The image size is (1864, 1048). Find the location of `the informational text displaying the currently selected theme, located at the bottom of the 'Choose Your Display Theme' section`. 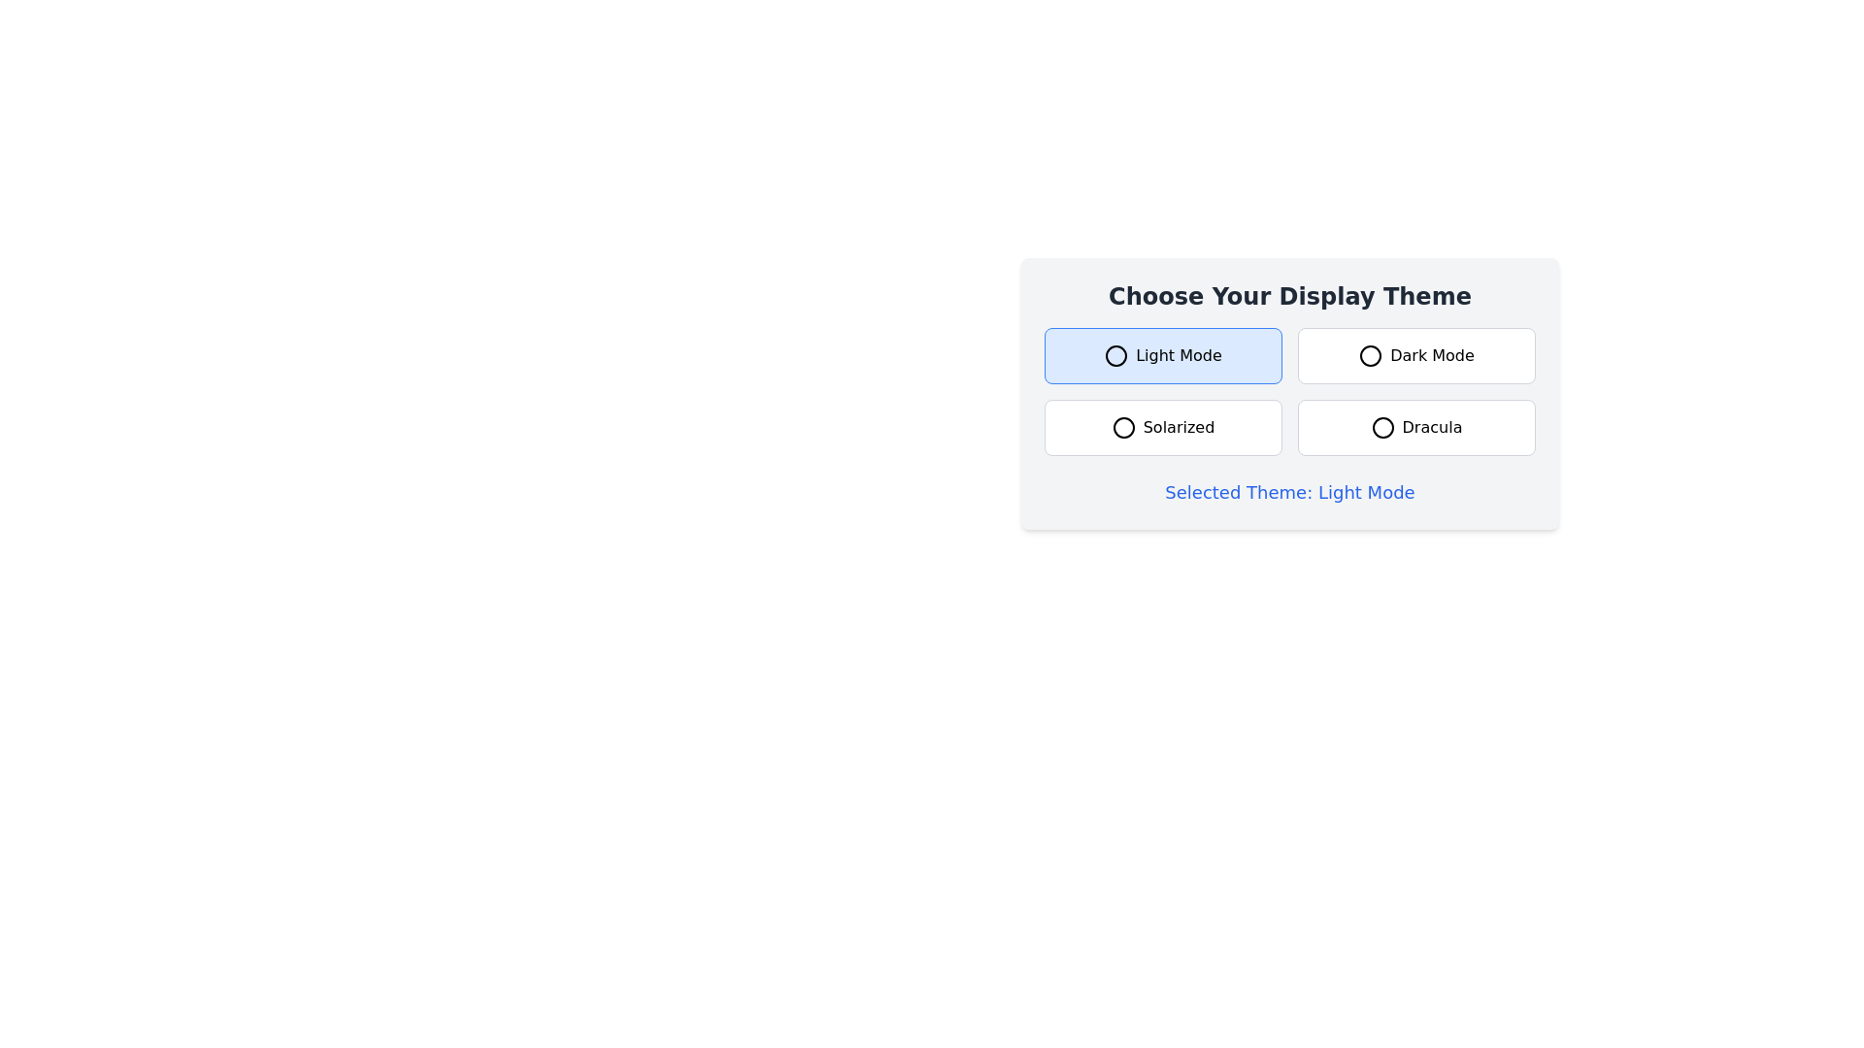

the informational text displaying the currently selected theme, located at the bottom of the 'Choose Your Display Theme' section is located at coordinates (1290, 492).